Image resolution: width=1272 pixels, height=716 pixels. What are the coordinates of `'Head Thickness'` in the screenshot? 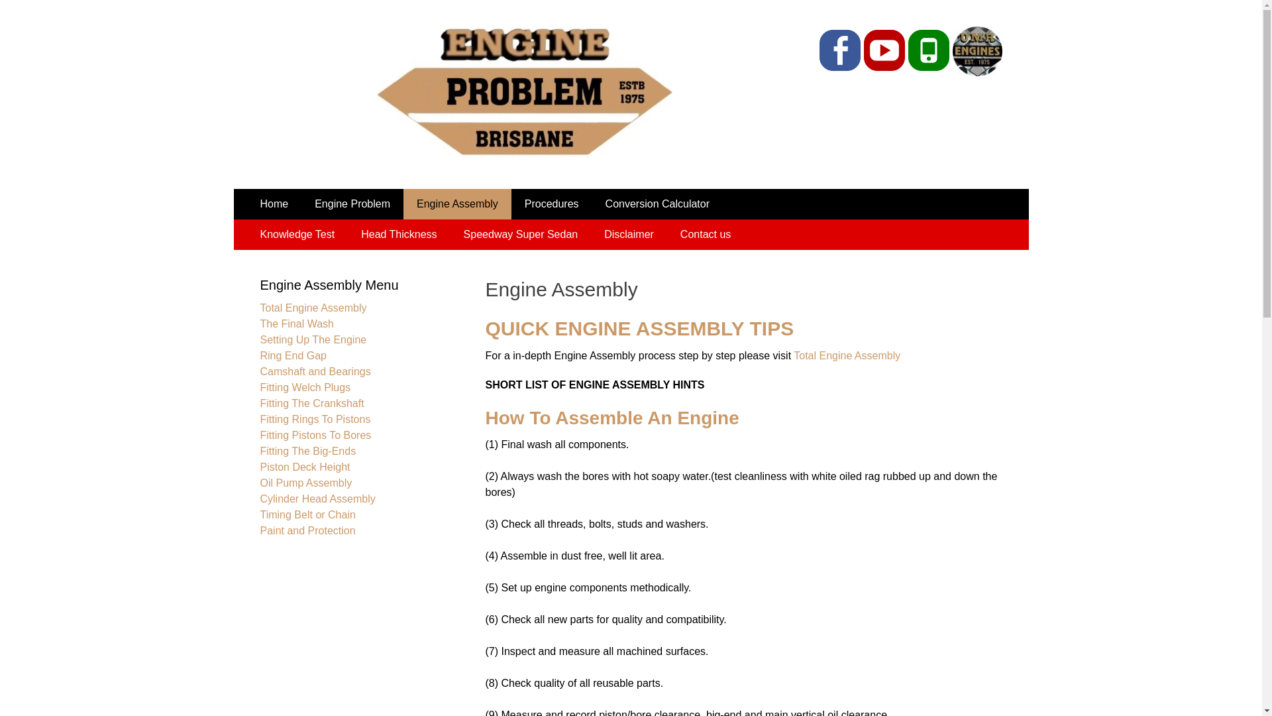 It's located at (397, 234).